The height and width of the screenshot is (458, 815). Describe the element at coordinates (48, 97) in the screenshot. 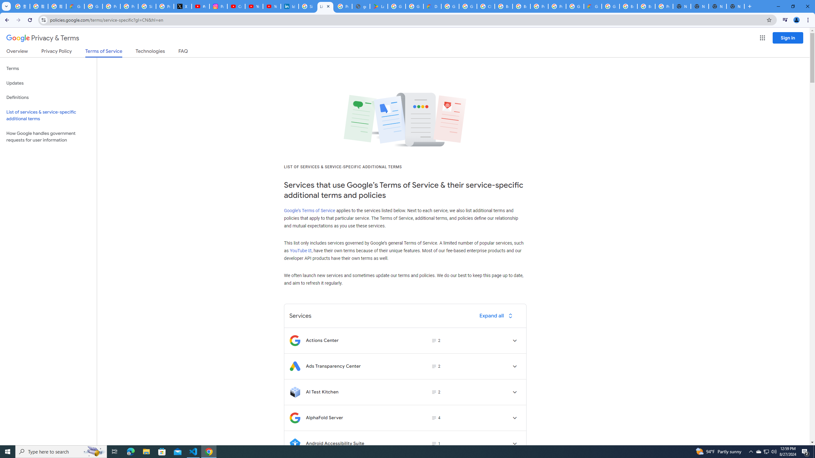

I see `'Definitions'` at that location.